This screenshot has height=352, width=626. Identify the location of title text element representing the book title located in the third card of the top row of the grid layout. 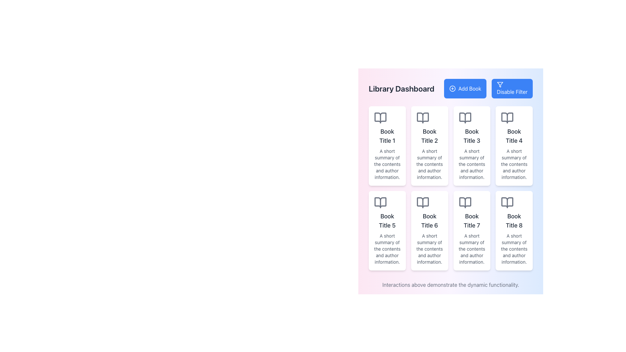
(472, 136).